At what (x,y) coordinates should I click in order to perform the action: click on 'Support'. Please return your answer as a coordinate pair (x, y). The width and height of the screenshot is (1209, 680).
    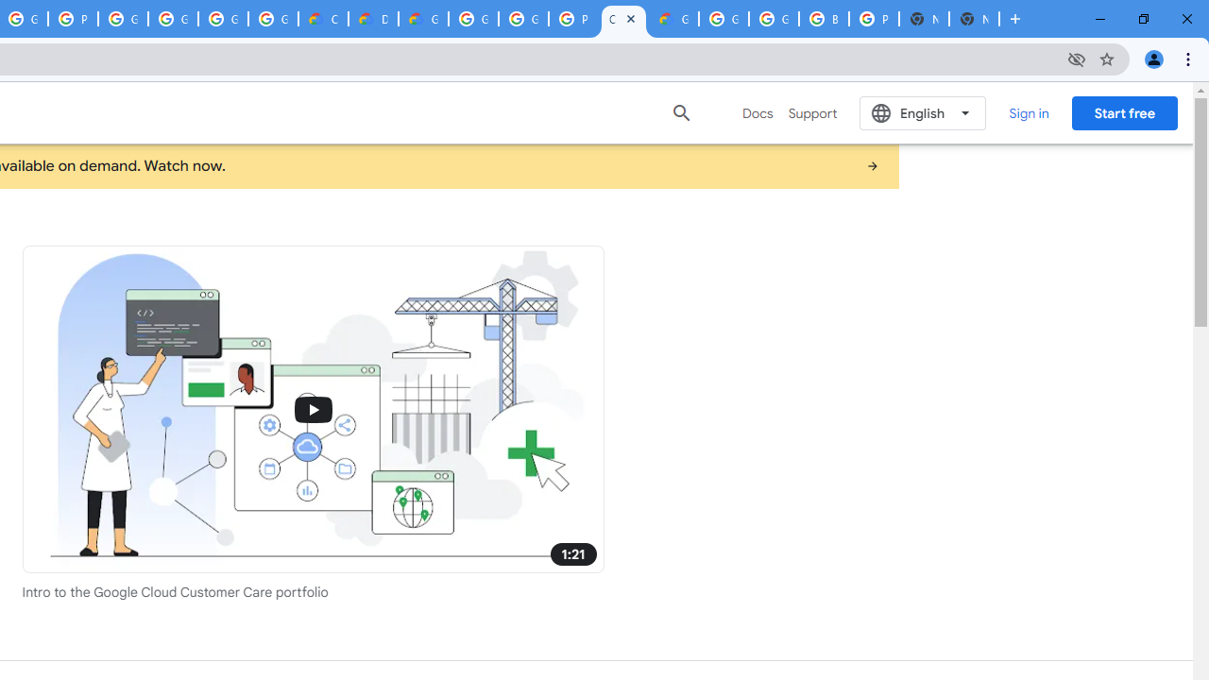
    Looking at the image, I should click on (812, 112).